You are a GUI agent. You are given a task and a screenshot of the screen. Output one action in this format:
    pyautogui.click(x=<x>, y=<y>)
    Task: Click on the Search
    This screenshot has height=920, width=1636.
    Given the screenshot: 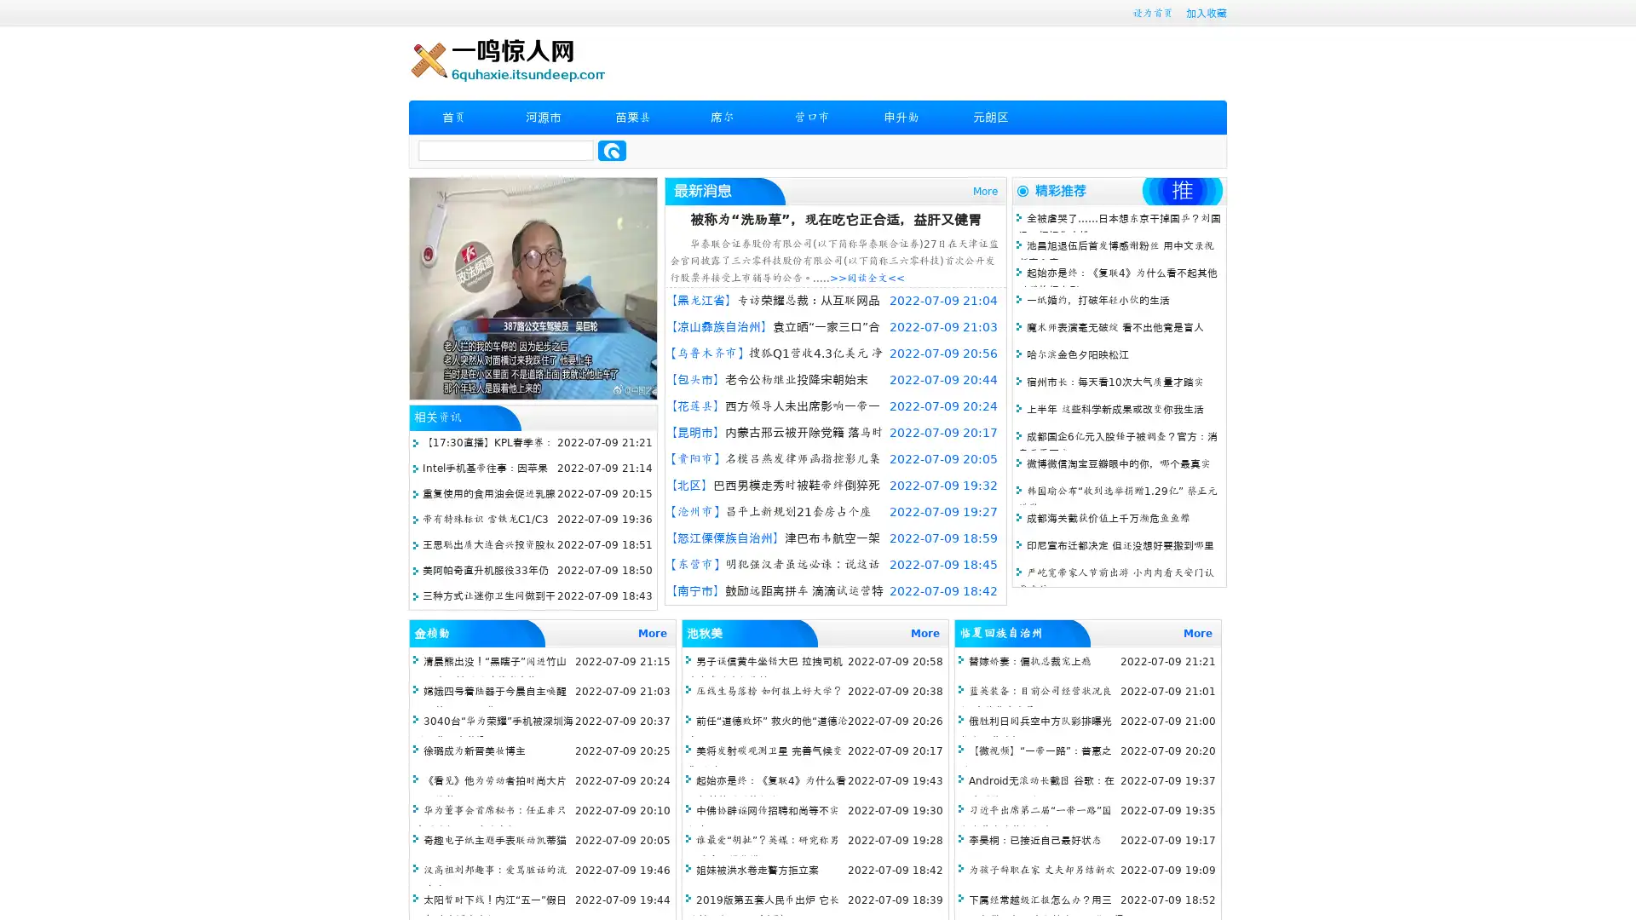 What is the action you would take?
    pyautogui.click(x=612, y=150)
    